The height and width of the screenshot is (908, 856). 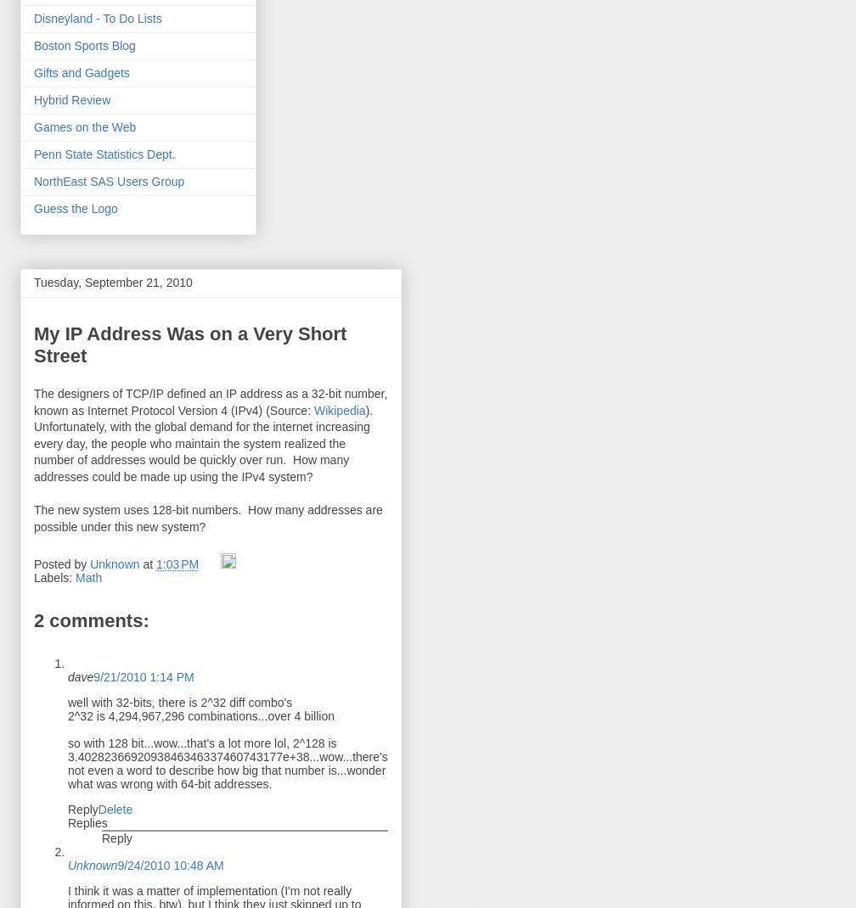 What do you see at coordinates (81, 72) in the screenshot?
I see `'Gifts and Gadgets'` at bounding box center [81, 72].